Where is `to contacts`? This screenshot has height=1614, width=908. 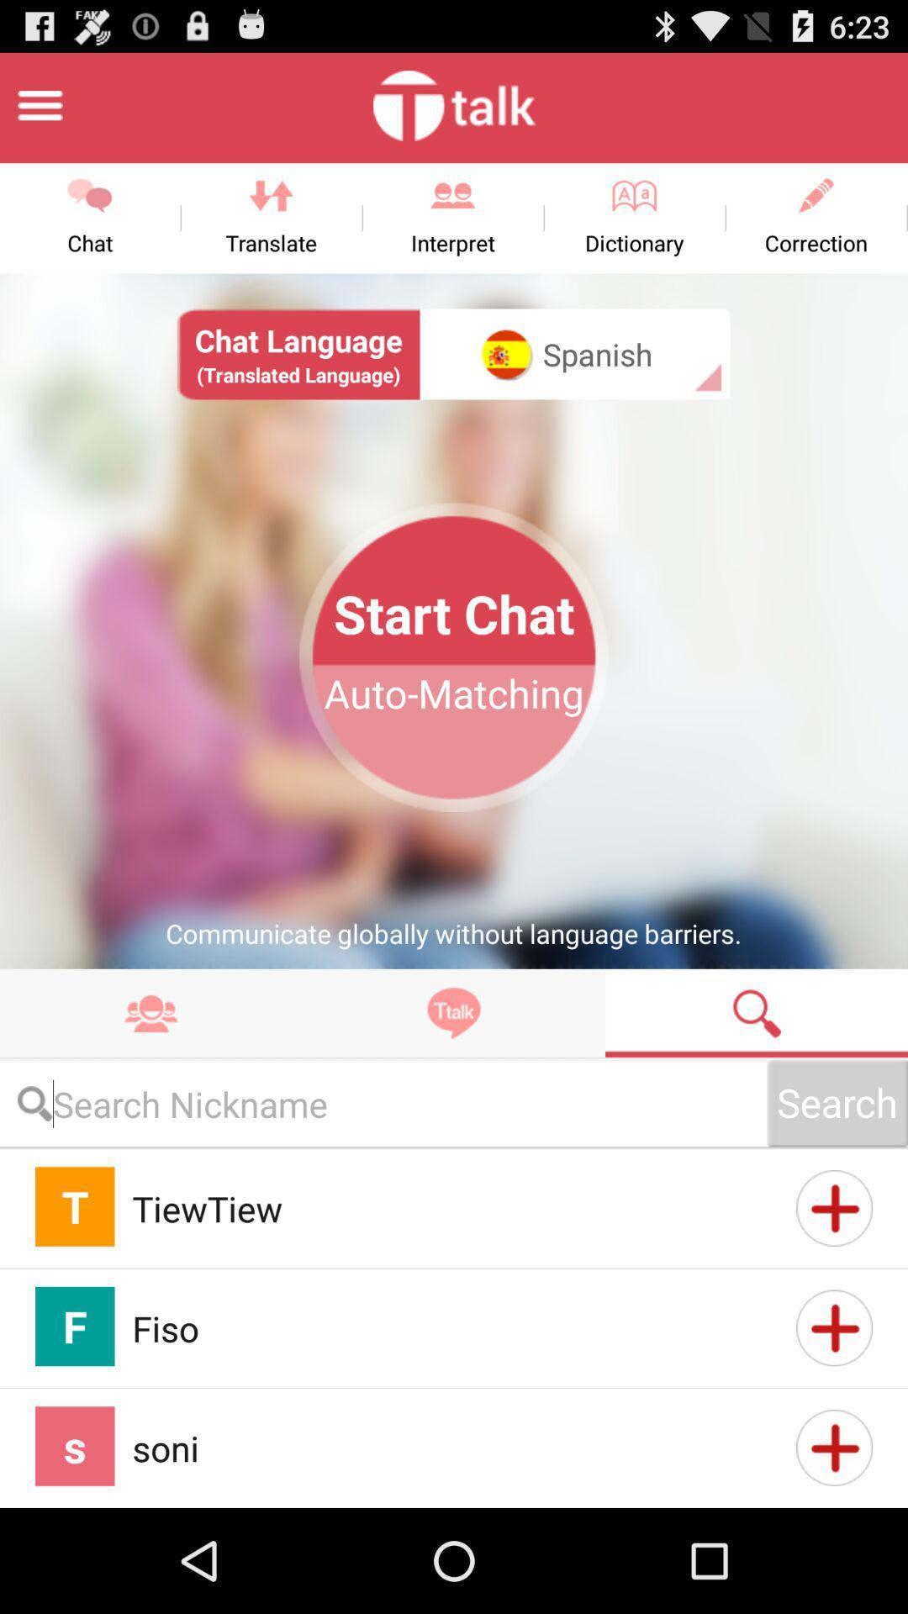 to contacts is located at coordinates (834, 1447).